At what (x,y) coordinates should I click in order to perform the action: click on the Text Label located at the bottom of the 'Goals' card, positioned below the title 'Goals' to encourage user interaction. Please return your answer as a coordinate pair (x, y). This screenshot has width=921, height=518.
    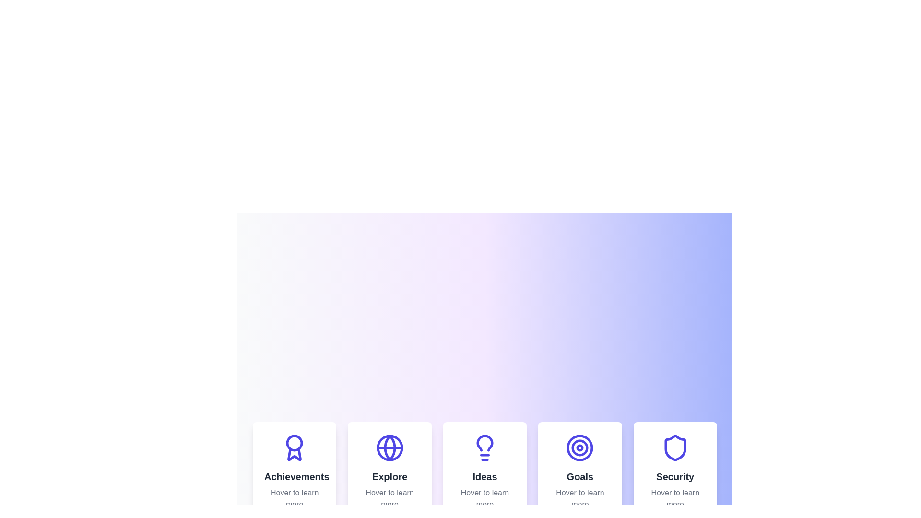
    Looking at the image, I should click on (579, 498).